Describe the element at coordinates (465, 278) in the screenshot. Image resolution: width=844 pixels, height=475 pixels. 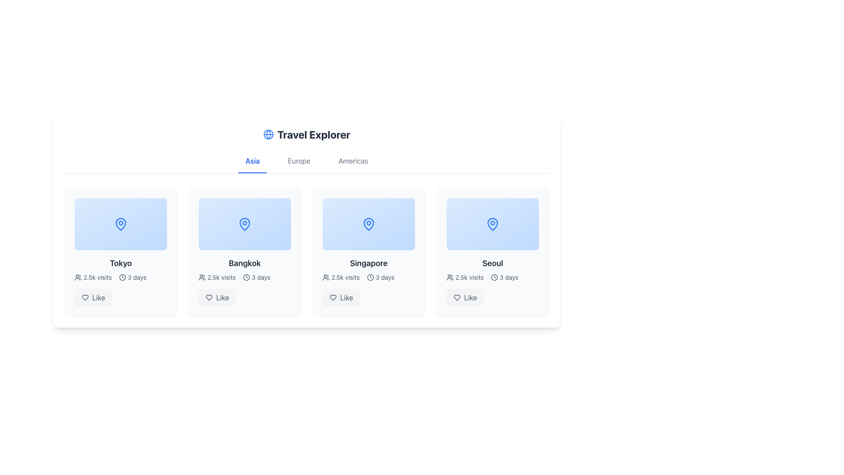
I see `visits information from the text label indicating the number of visits for the location 'Seoul', which is located in the last column of the grid layout below the header image and next to the duration icon` at that location.